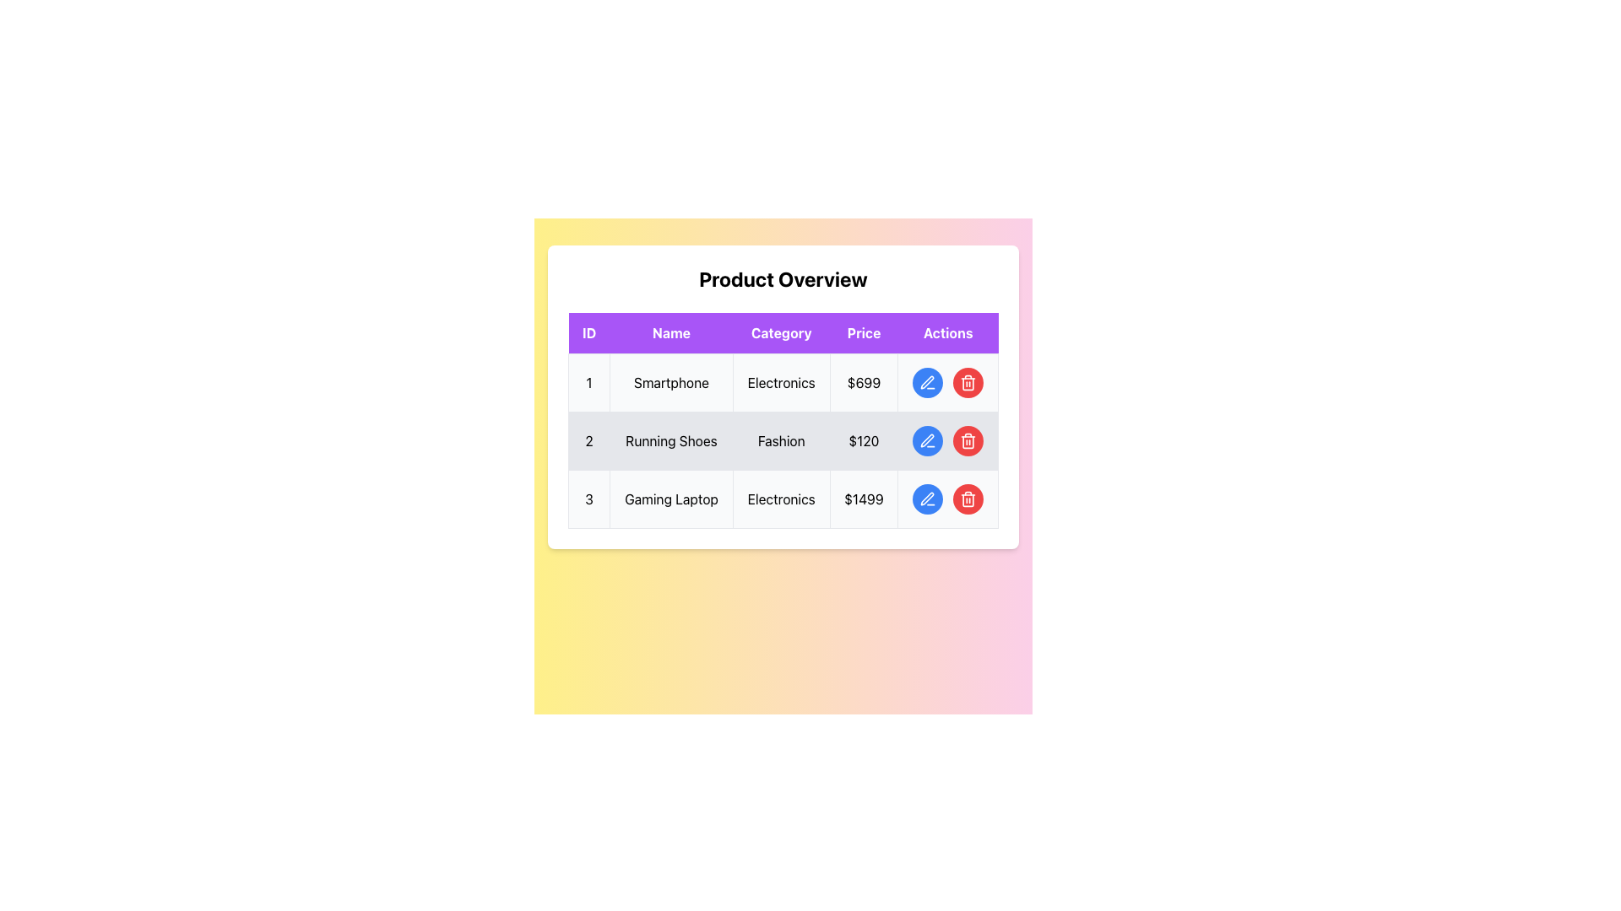 This screenshot has height=911, width=1621. I want to click on the Text Label located in the second column of the second row in the table layout, which indicates the product name associated with the entry, so click(670, 440).